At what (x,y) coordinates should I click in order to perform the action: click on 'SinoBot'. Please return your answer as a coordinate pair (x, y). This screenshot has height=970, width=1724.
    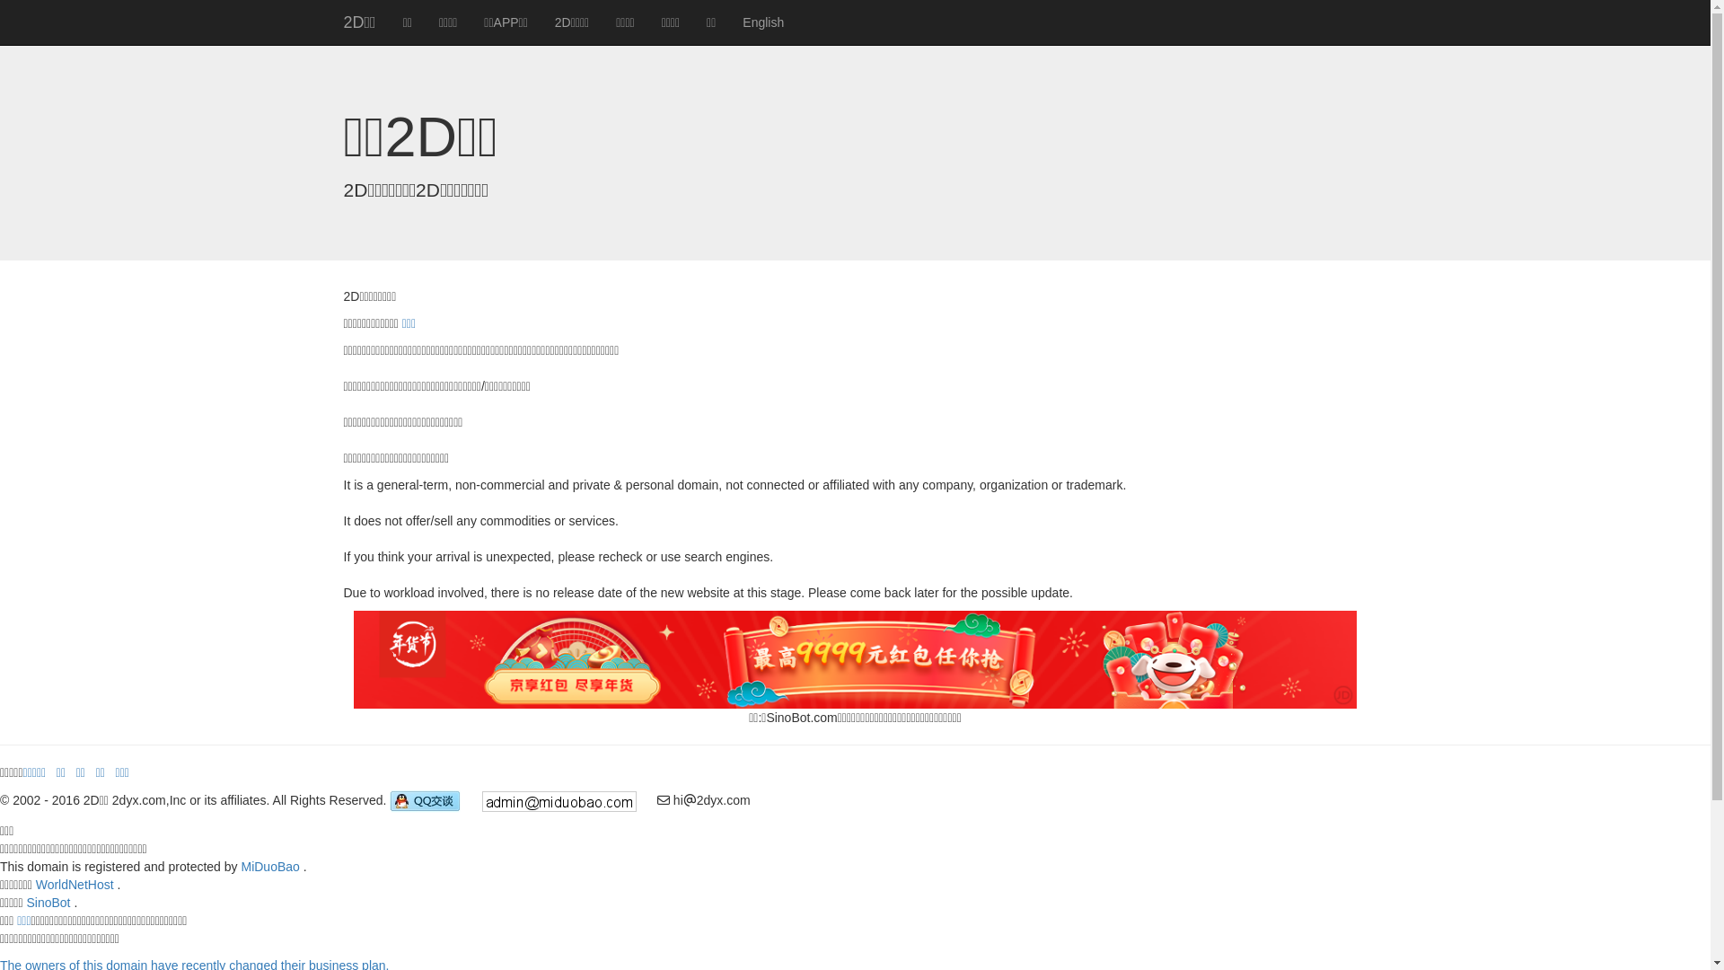
    Looking at the image, I should click on (48, 903).